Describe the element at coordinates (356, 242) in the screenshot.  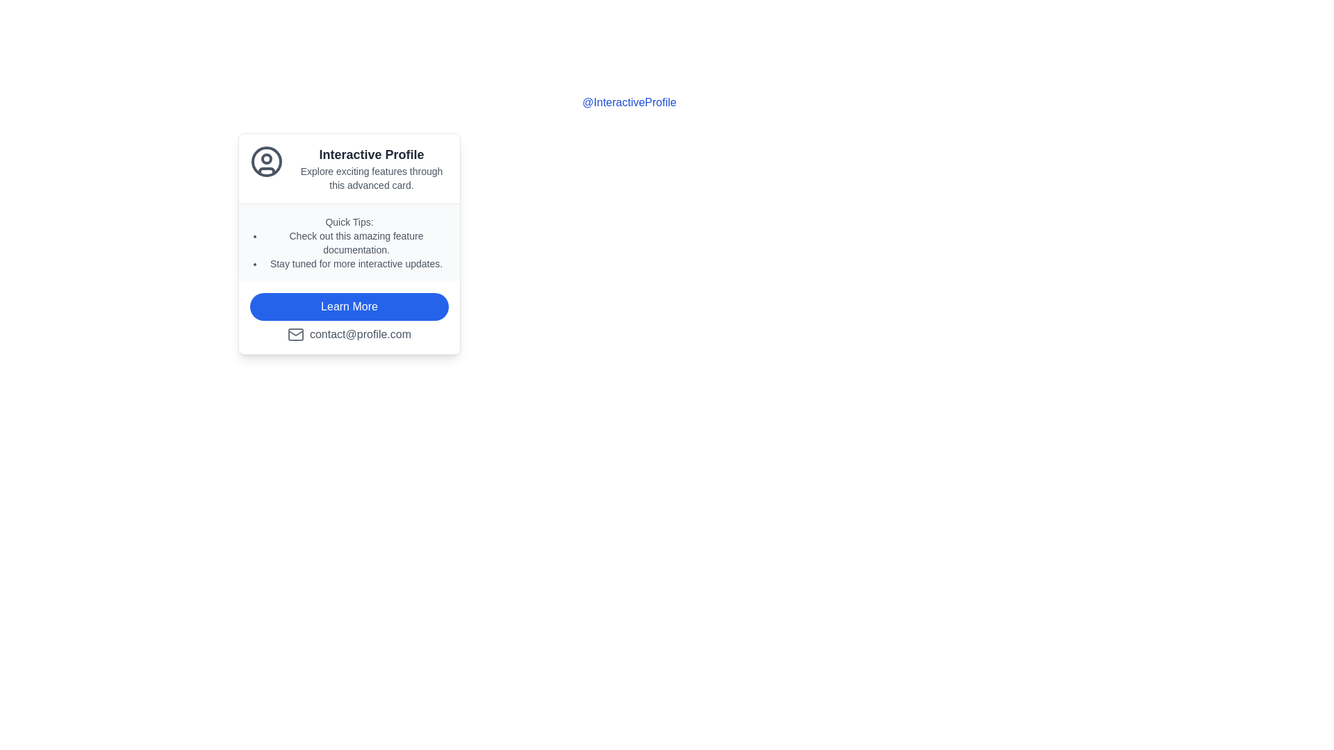
I see `the first item in the 'Quick Tips:' section, which indicates important feature documentation for the user` at that location.